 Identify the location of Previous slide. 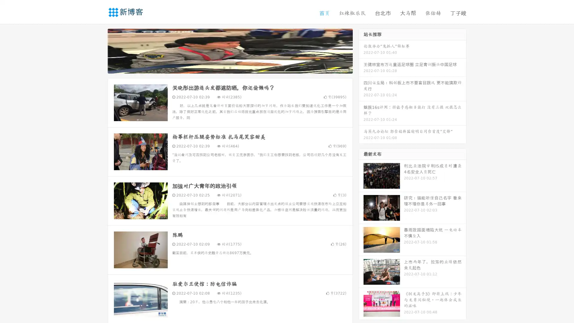
(99, 50).